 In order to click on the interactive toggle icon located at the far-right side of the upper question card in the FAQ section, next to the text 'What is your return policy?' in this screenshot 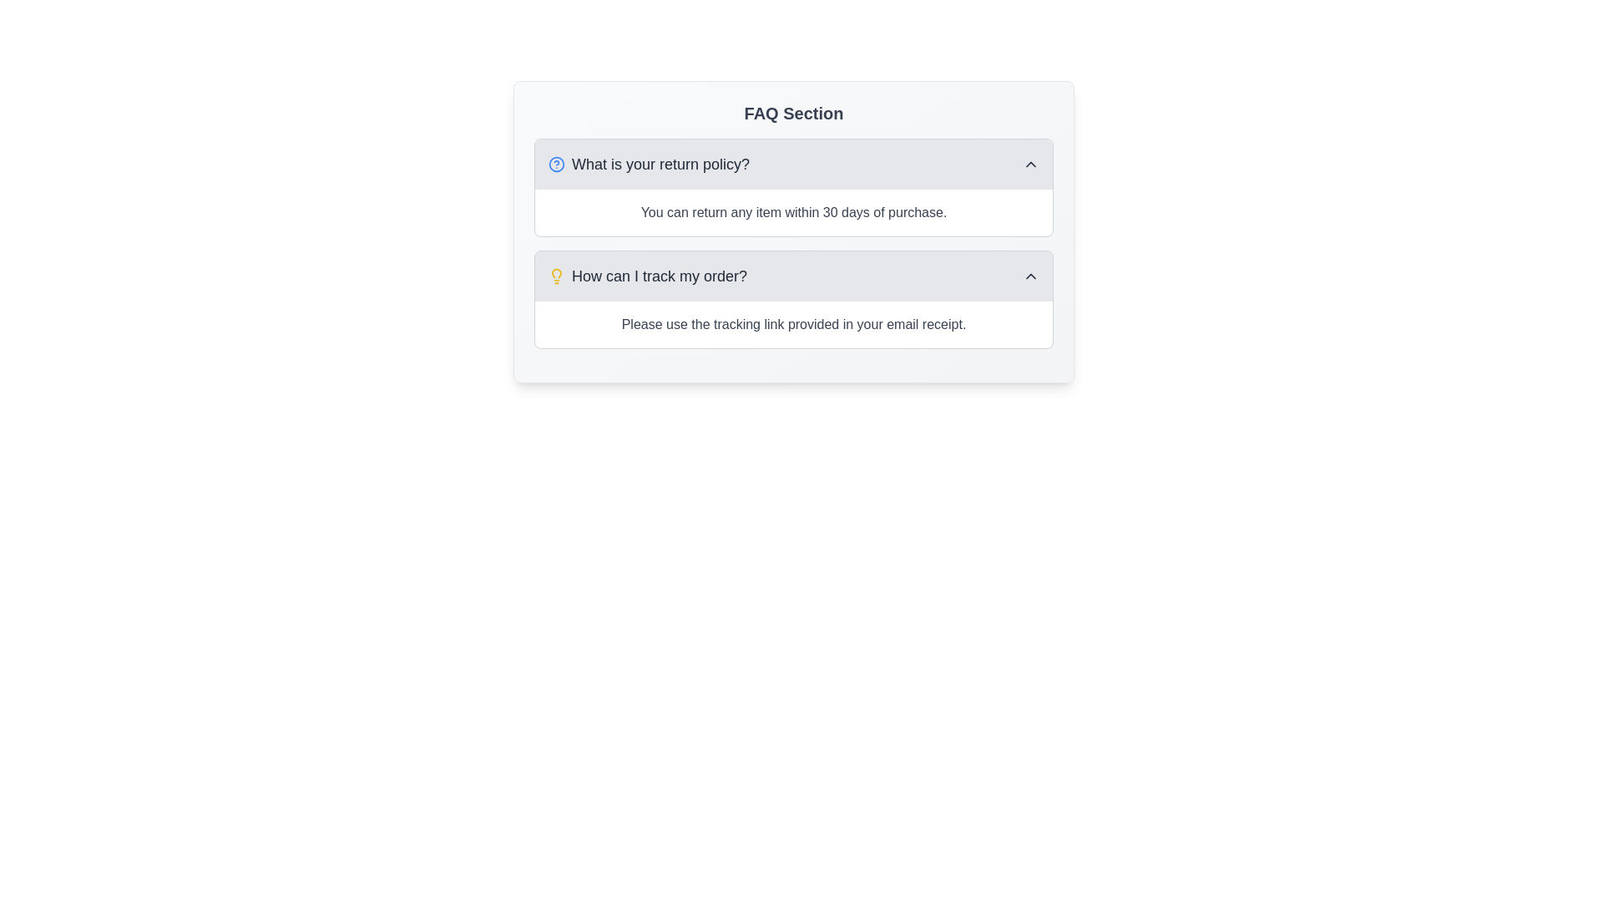, I will do `click(1029, 164)`.